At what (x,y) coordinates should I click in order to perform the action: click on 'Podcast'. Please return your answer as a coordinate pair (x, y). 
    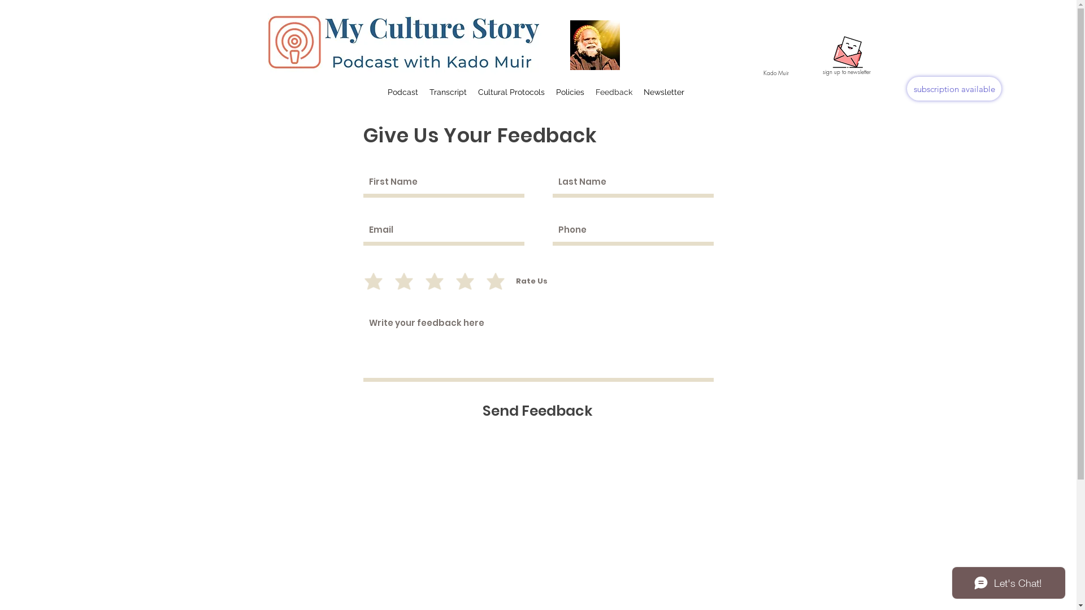
    Looking at the image, I should click on (403, 91).